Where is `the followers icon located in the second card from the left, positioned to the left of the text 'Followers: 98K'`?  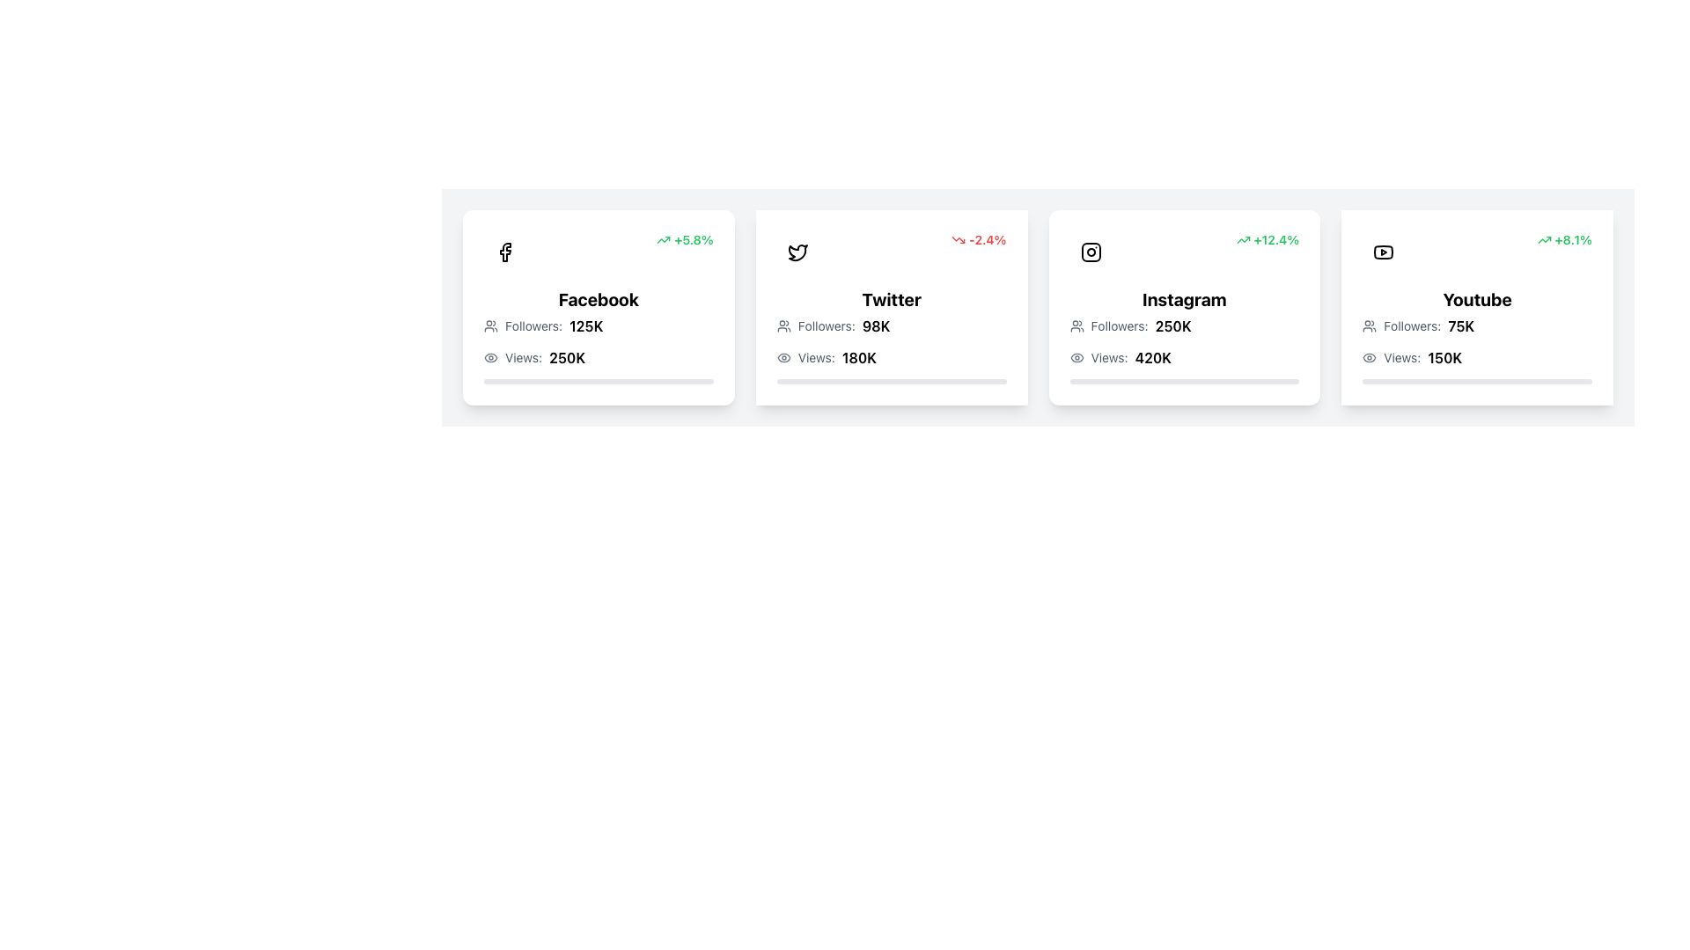 the followers icon located in the second card from the left, positioned to the left of the text 'Followers: 98K' is located at coordinates (783, 325).